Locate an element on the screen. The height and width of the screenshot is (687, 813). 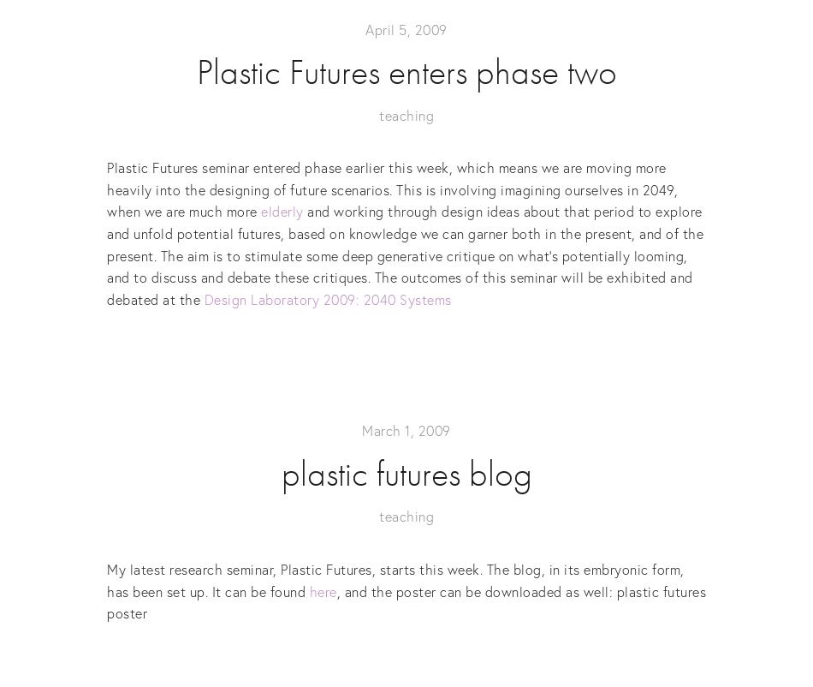
'and working through design ideas about that period to explore and unfold potential futures, based on knowledge we can garner both in the present, and of the present. The aim is to stimulate some deep generative critique on what's potentially looming, and to discuss and debate these critiques.
The outcomes of this seminar will be exhibited and debated at the' is located at coordinates (404, 254).